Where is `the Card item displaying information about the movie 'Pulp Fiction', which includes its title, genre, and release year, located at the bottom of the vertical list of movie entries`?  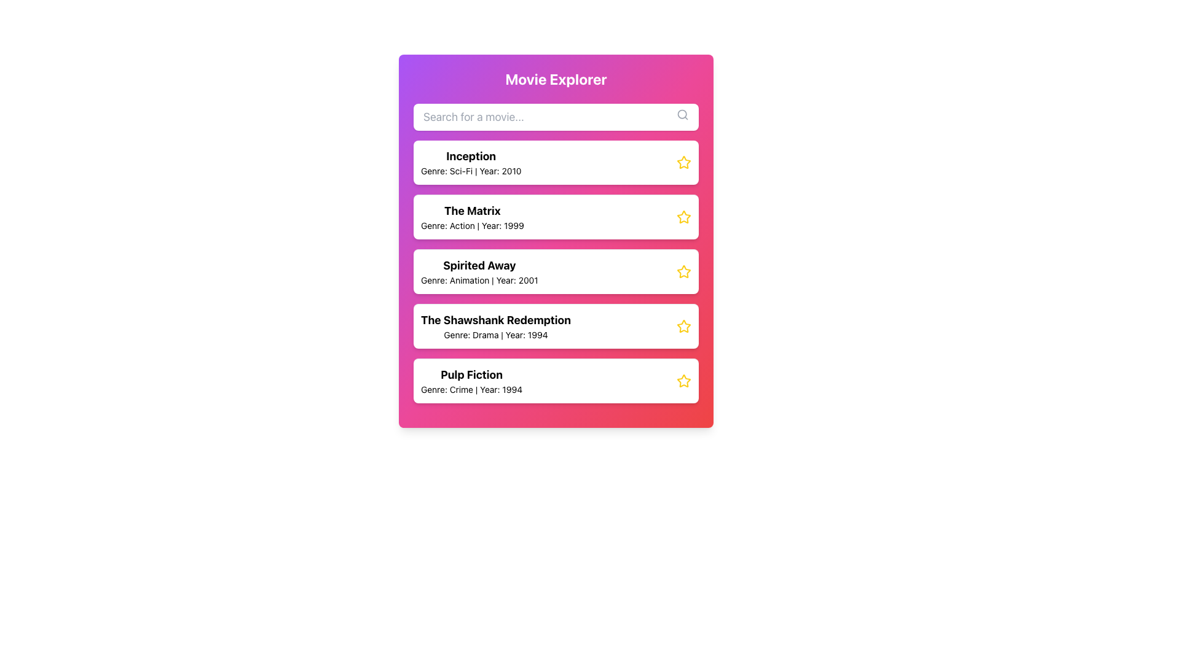
the Card item displaying information about the movie 'Pulp Fiction', which includes its title, genre, and release year, located at the bottom of the vertical list of movie entries is located at coordinates (556, 380).